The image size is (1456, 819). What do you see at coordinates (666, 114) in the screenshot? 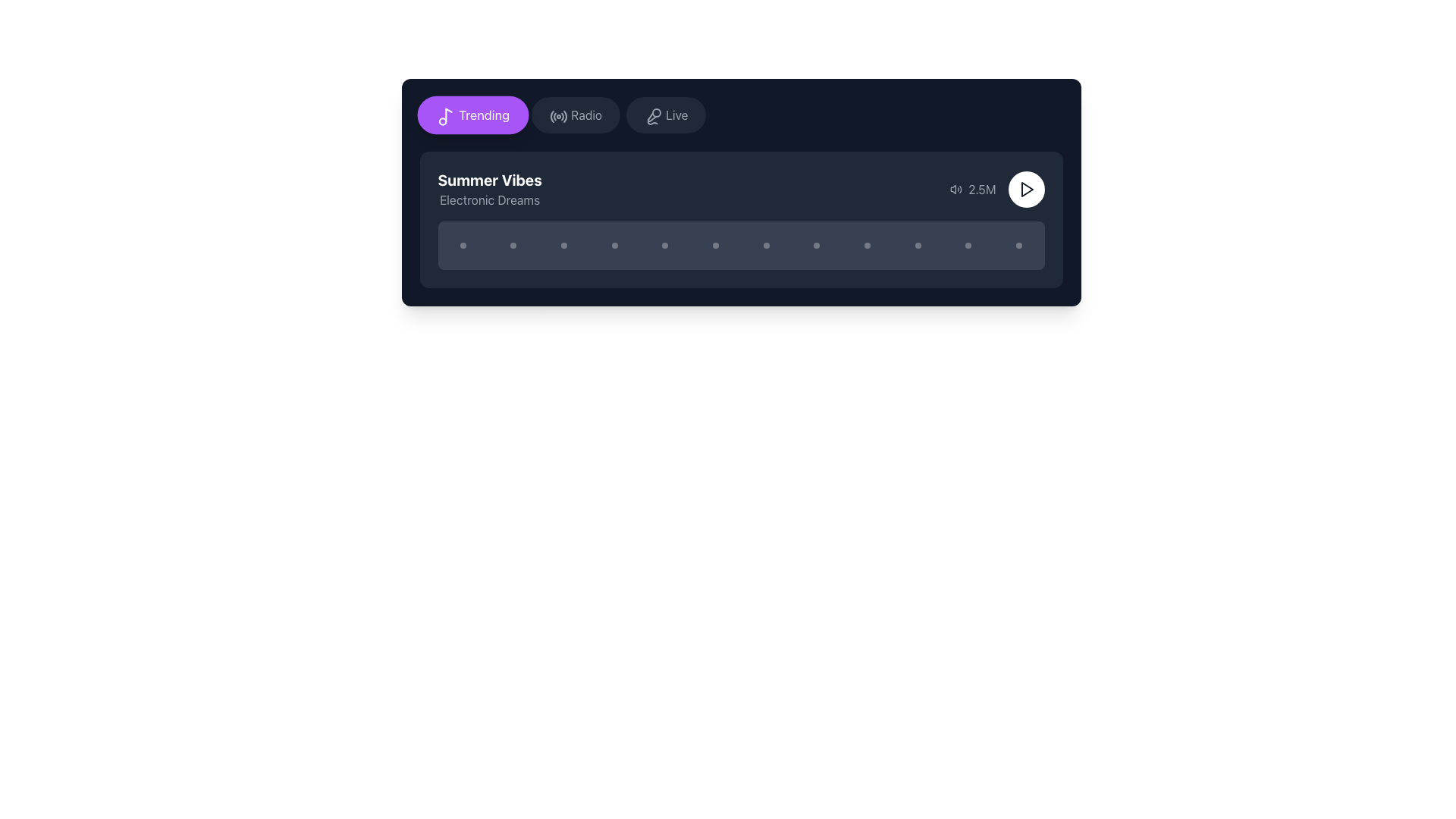
I see `the 'Live' button, which is a rounded rectangular button with a dark gray background and text reading 'Live', positioned to the right of the 'Radio' button` at bounding box center [666, 114].